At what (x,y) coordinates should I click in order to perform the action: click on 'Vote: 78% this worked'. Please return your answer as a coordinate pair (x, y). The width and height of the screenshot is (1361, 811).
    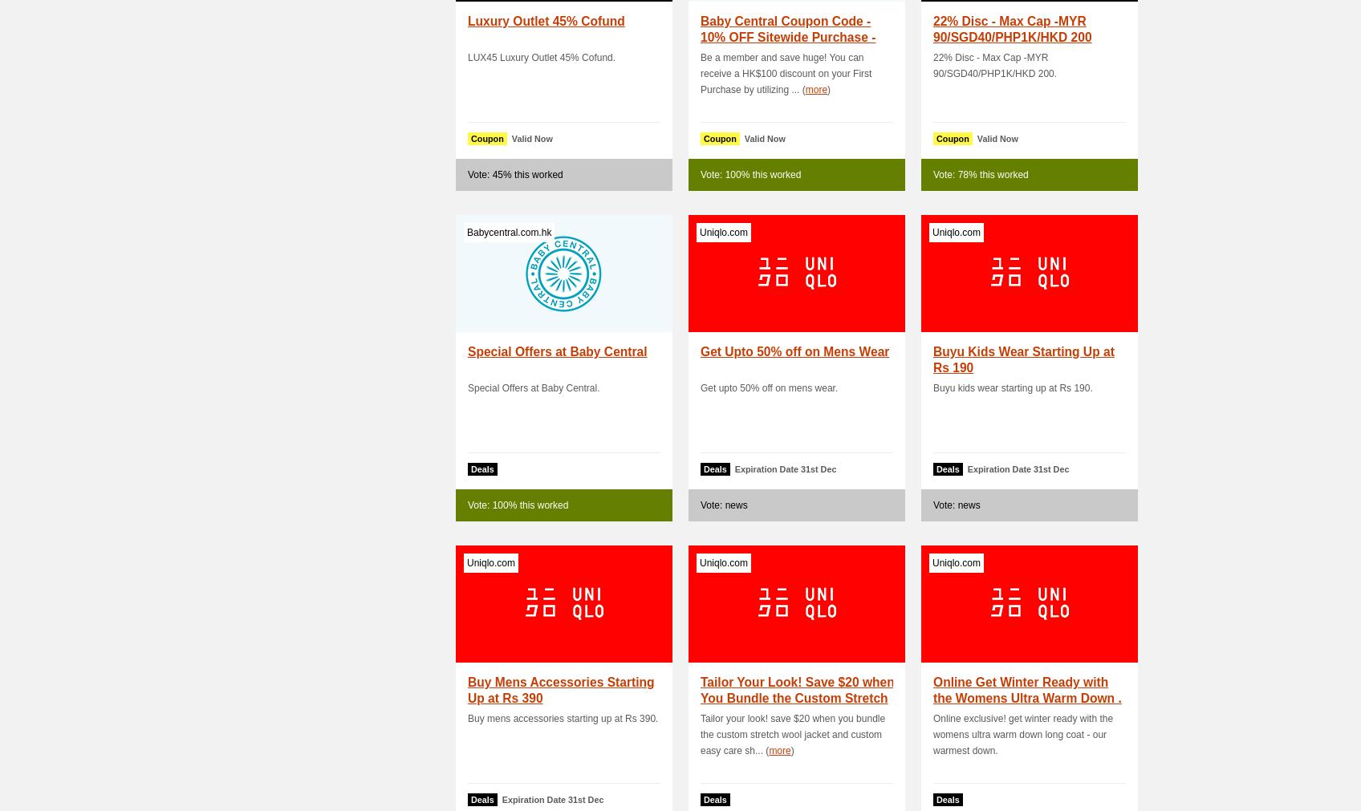
    Looking at the image, I should click on (979, 174).